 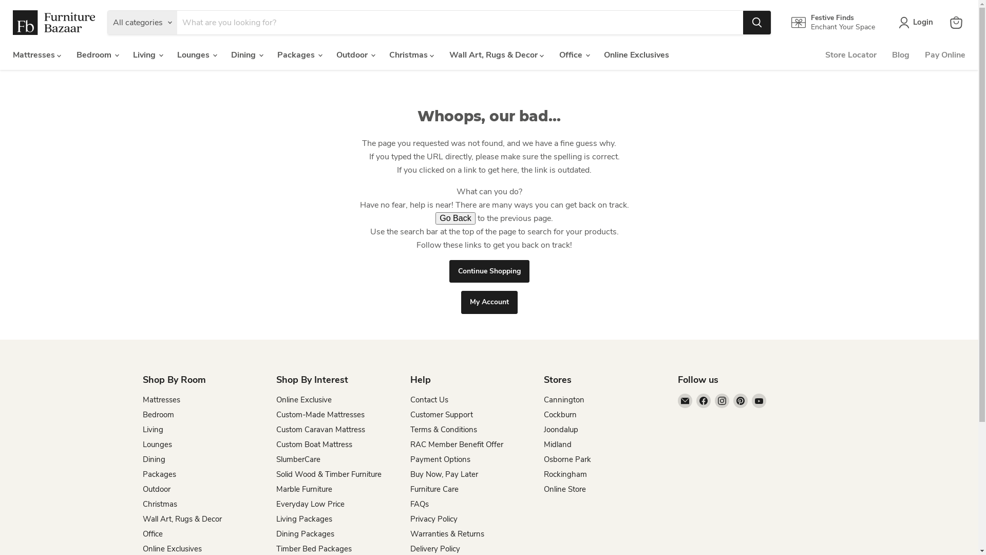 What do you see at coordinates (489, 302) in the screenshot?
I see `'My Account'` at bounding box center [489, 302].